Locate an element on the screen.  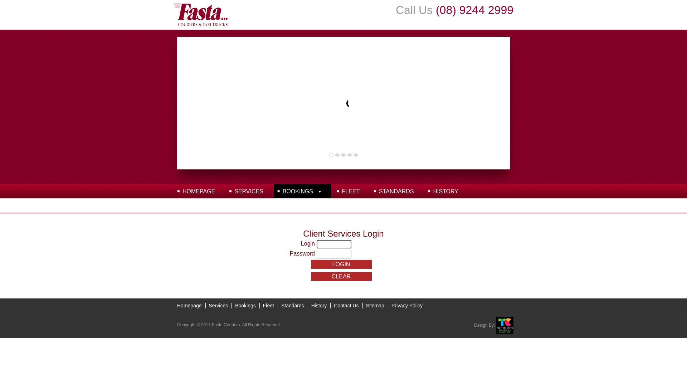
'FLEET' is located at coordinates (350, 191).